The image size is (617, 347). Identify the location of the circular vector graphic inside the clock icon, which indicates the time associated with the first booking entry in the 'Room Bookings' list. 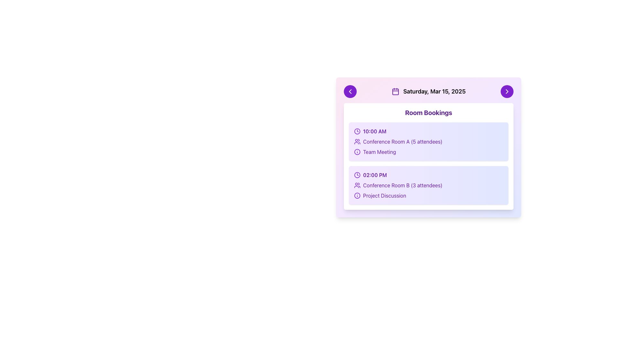
(357, 131).